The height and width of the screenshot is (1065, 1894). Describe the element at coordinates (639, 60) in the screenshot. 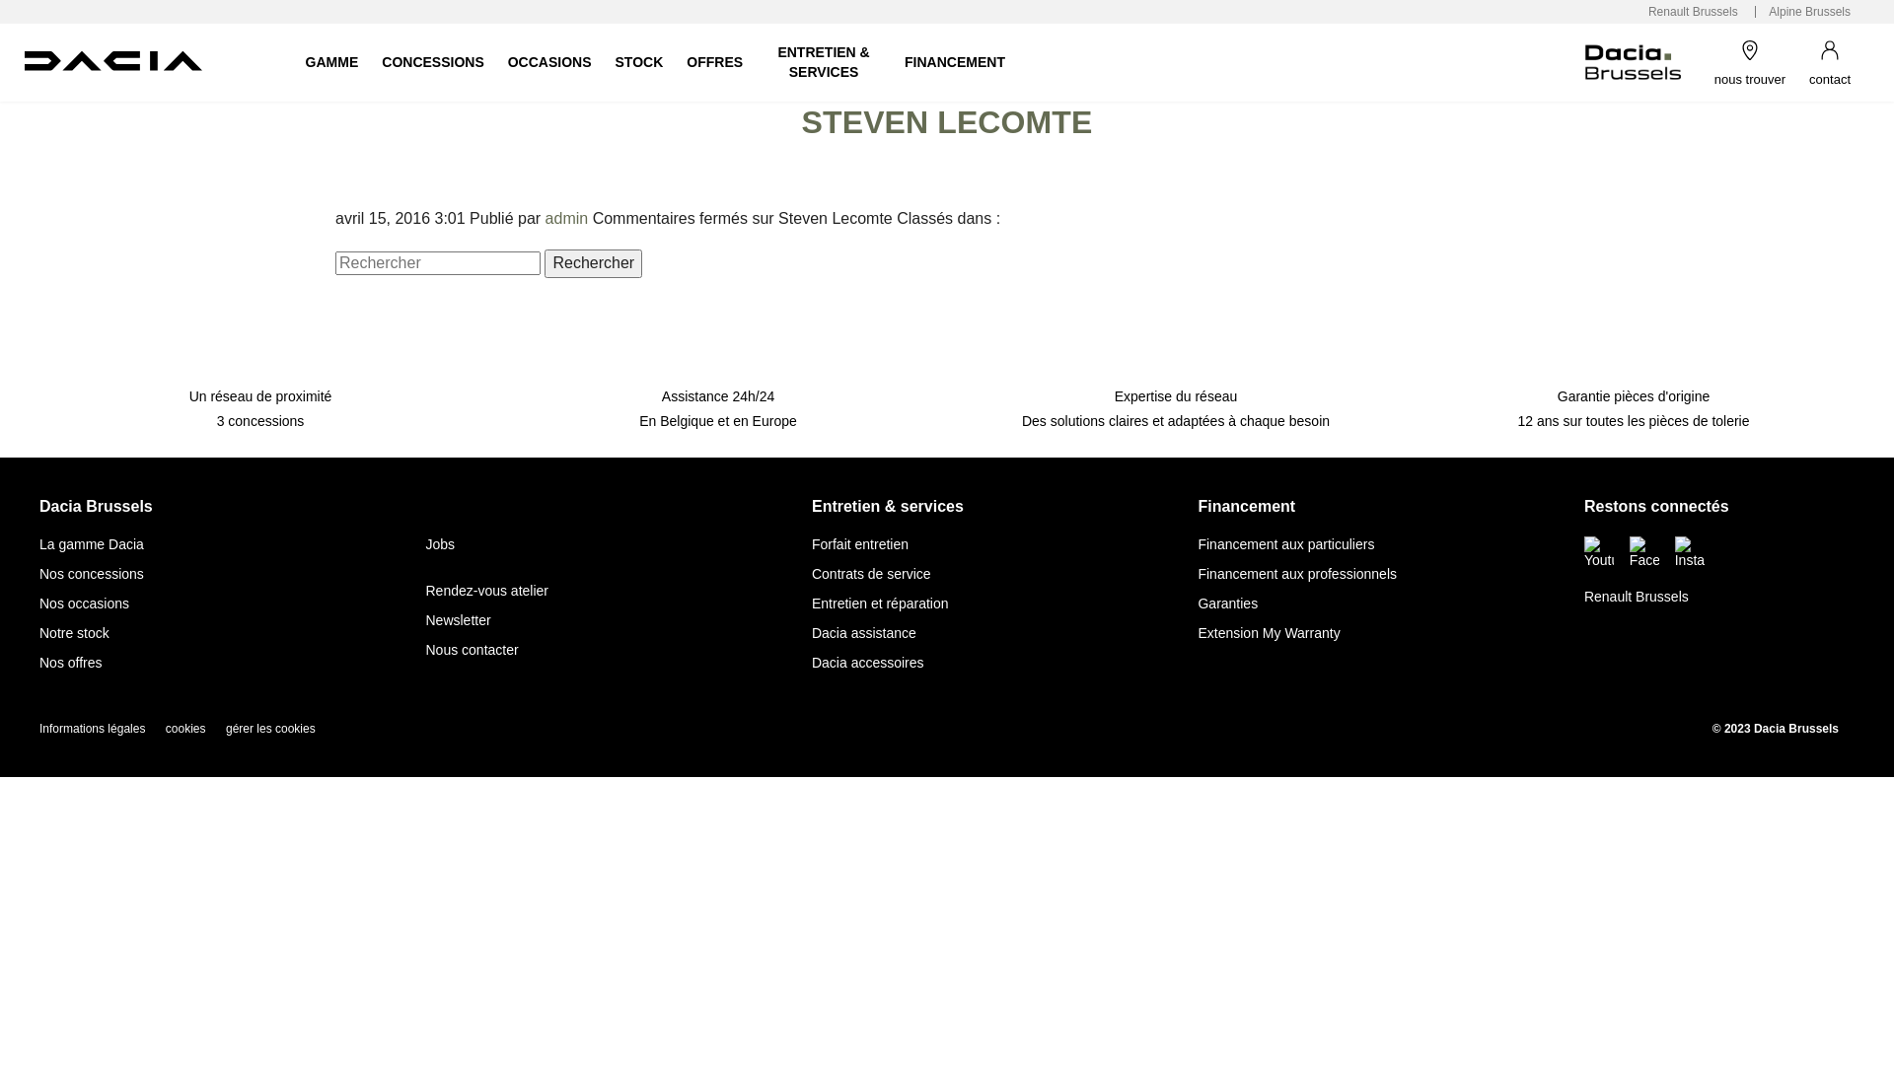

I see `'STOCK'` at that location.